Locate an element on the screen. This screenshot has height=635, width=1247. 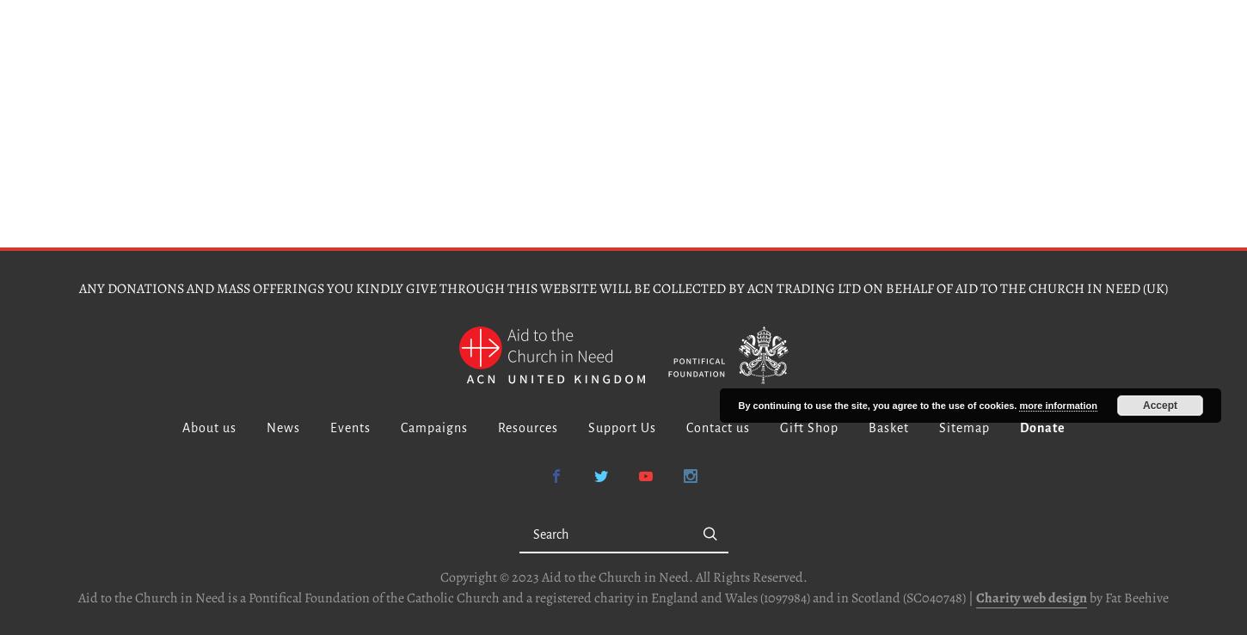
'Gift Shop' is located at coordinates (777, 427).